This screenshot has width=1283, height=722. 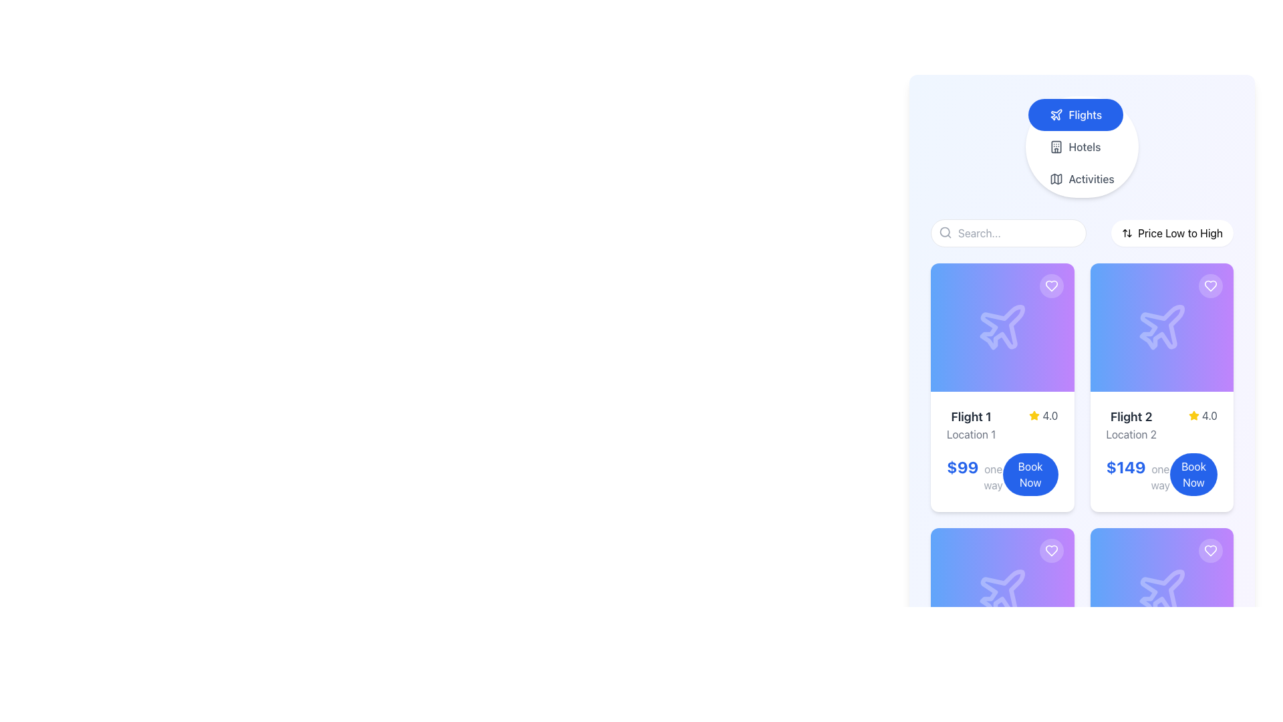 I want to click on the 'Hotels' button, which is the second option in a circular menu containing 'Flights', 'Hotels', and 'Activities', so click(x=1082, y=146).